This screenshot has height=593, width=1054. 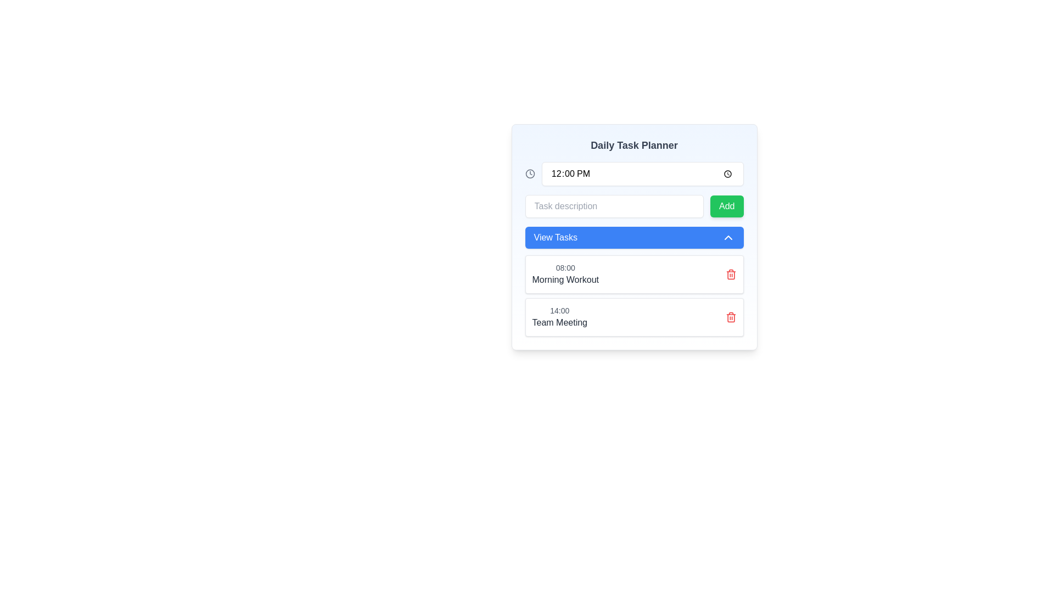 I want to click on text from the title or header label of the daily task planner interface, which is positioned at the top center above the input field and buttons, so click(x=634, y=145).